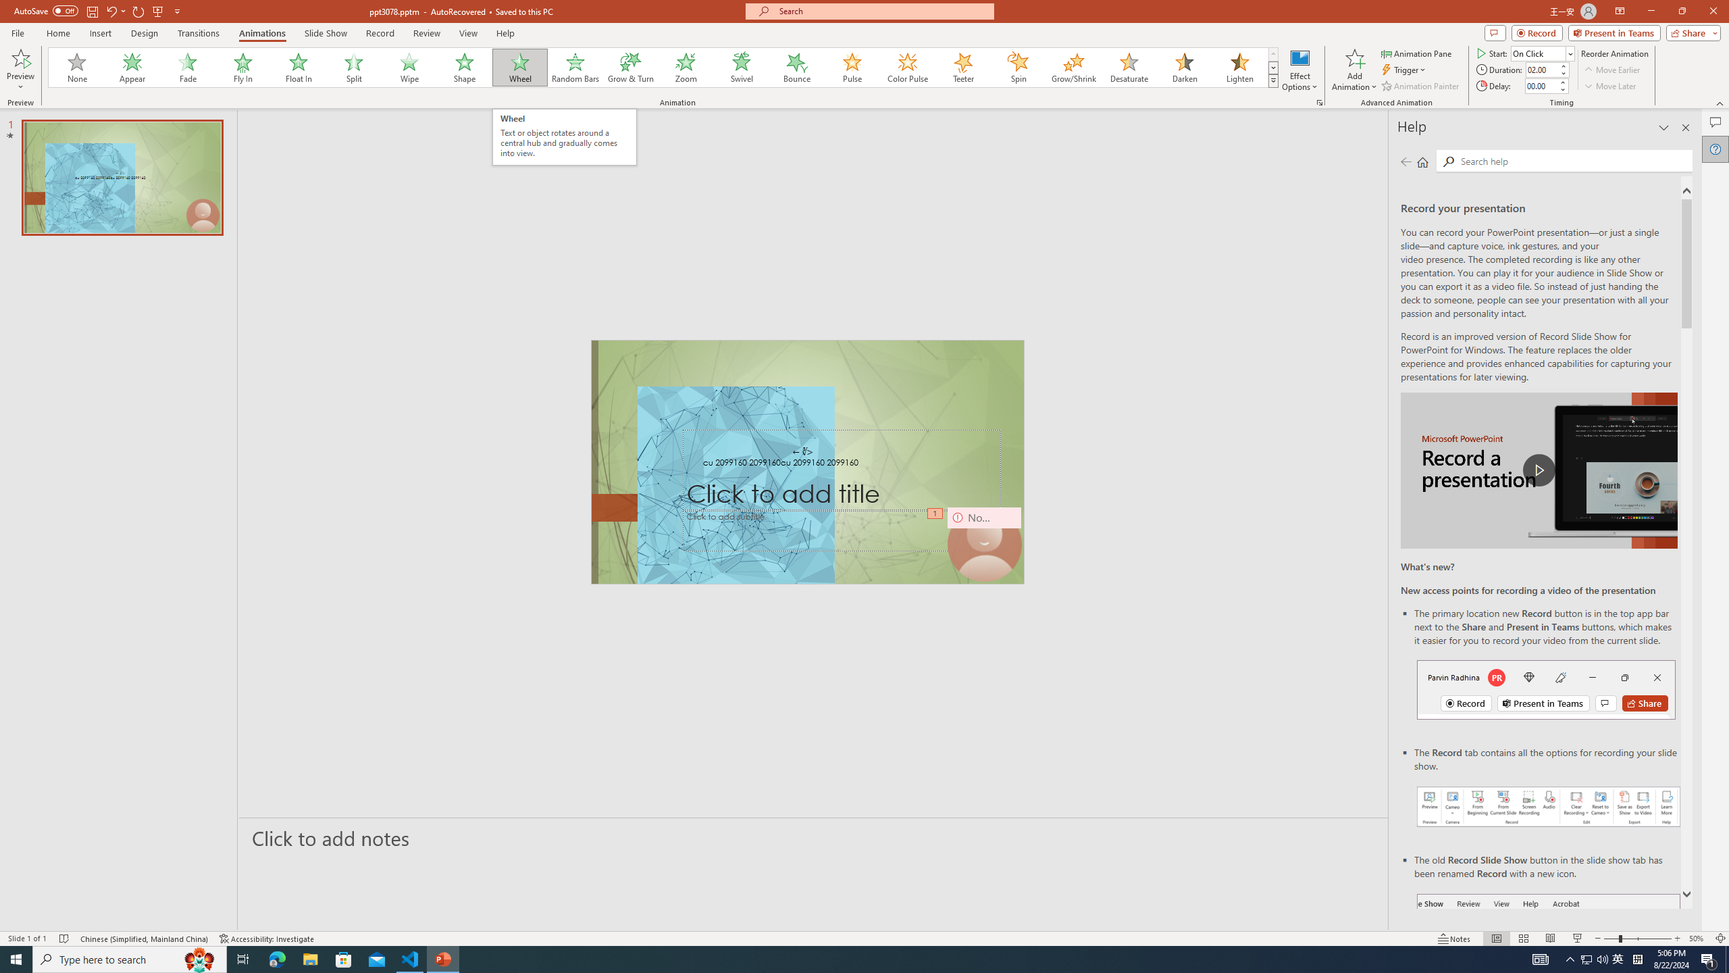 The height and width of the screenshot is (973, 1729). I want to click on 'TextBox 7', so click(803, 452).